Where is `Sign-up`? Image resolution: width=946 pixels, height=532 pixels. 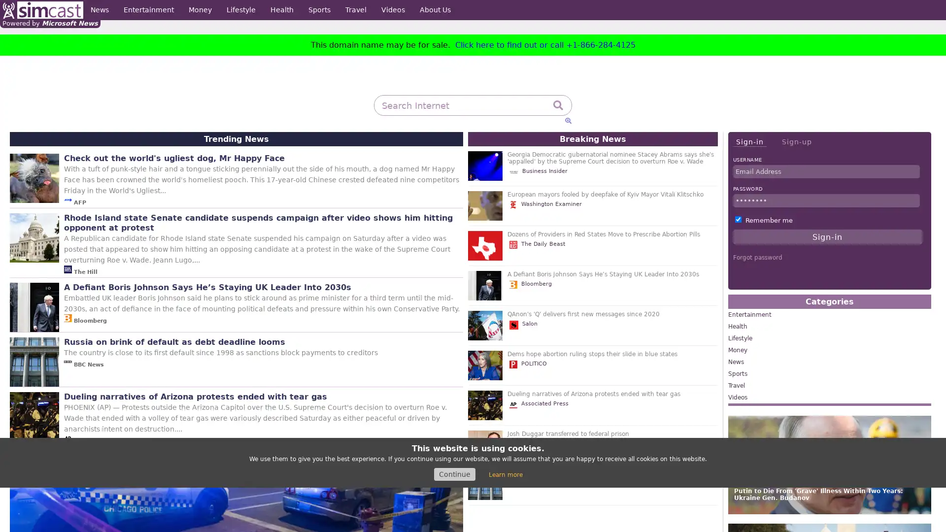 Sign-up is located at coordinates (796, 142).